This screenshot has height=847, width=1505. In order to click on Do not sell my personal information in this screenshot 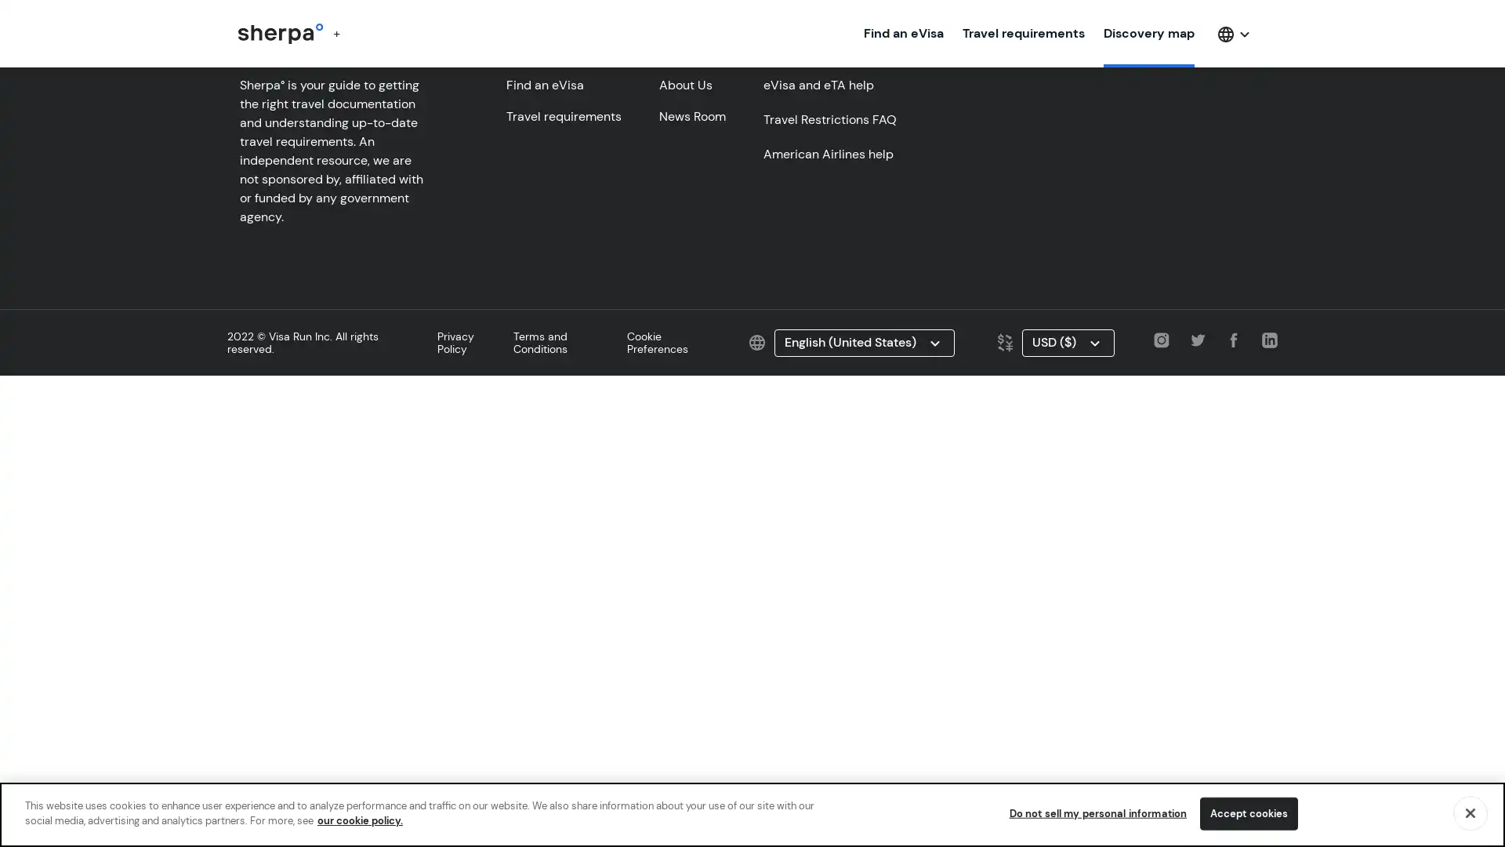, I will do `click(1097, 812)`.